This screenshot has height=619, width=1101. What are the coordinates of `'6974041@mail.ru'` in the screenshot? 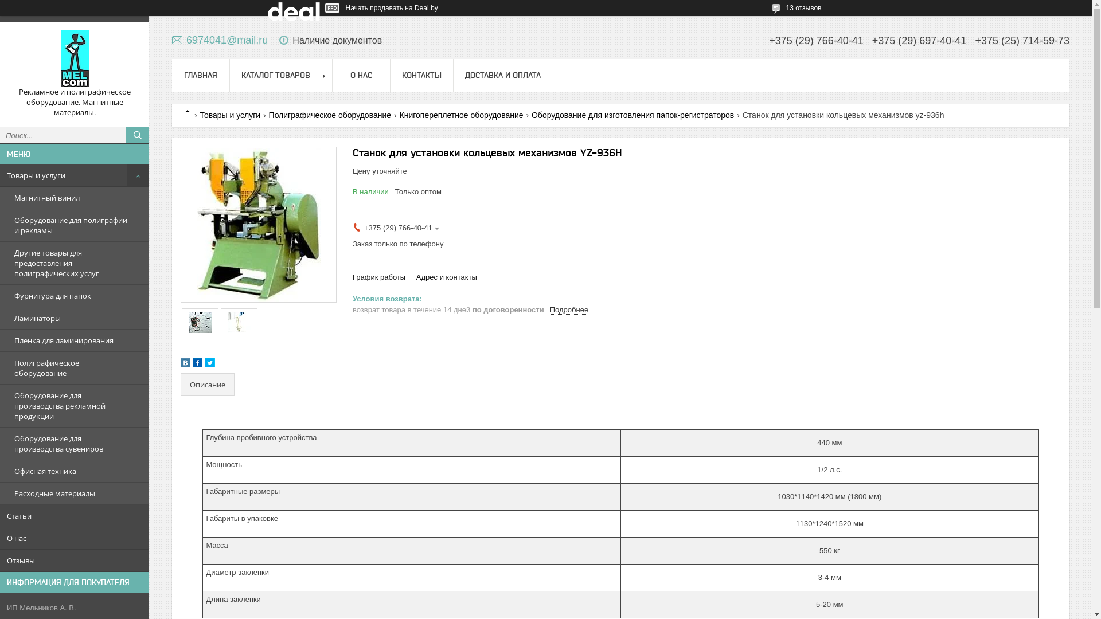 It's located at (220, 39).